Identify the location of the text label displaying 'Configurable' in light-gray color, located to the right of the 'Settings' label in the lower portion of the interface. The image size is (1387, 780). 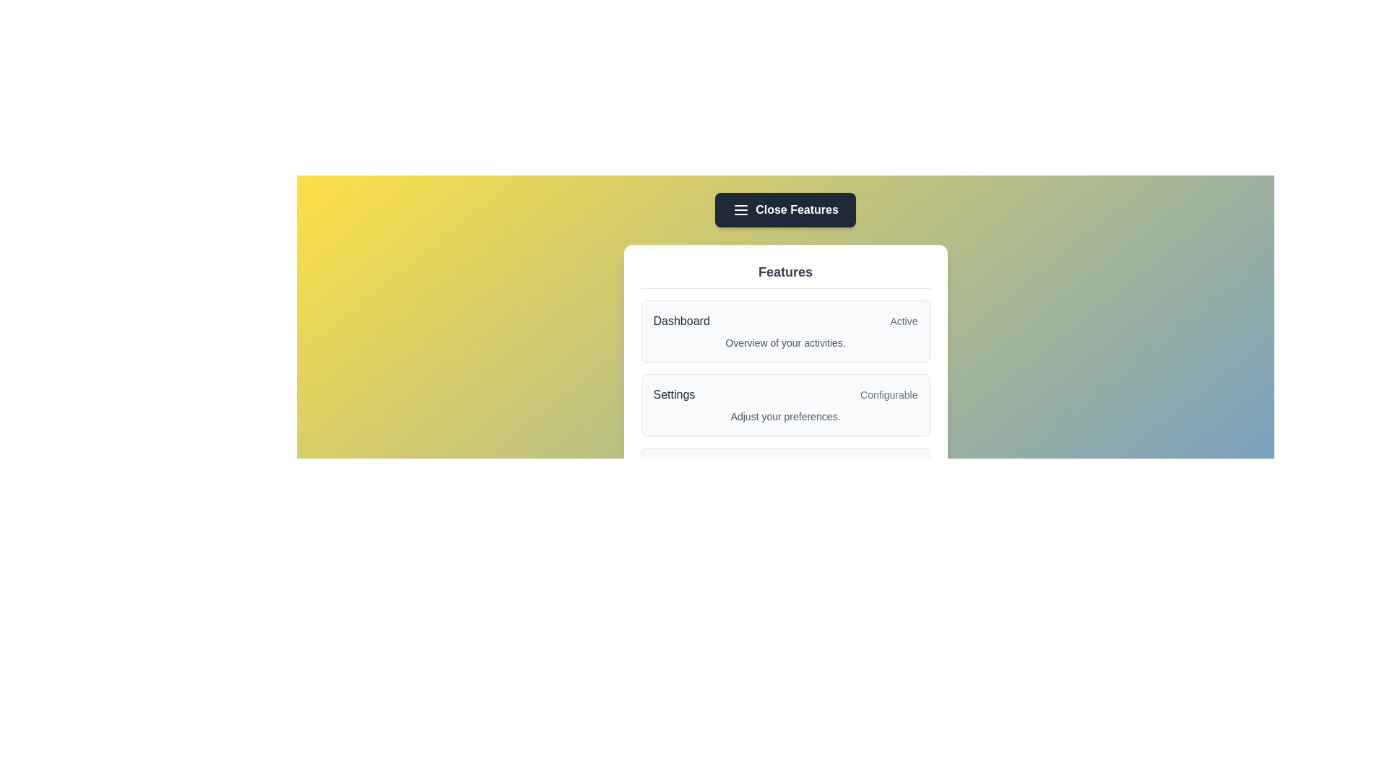
(888, 395).